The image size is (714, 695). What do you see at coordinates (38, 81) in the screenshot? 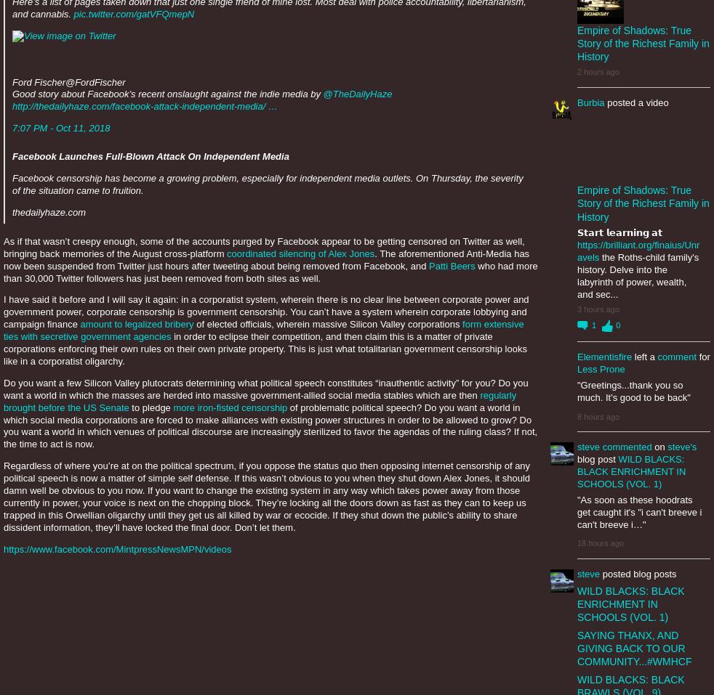
I see `'Ford Fischer'` at bounding box center [38, 81].